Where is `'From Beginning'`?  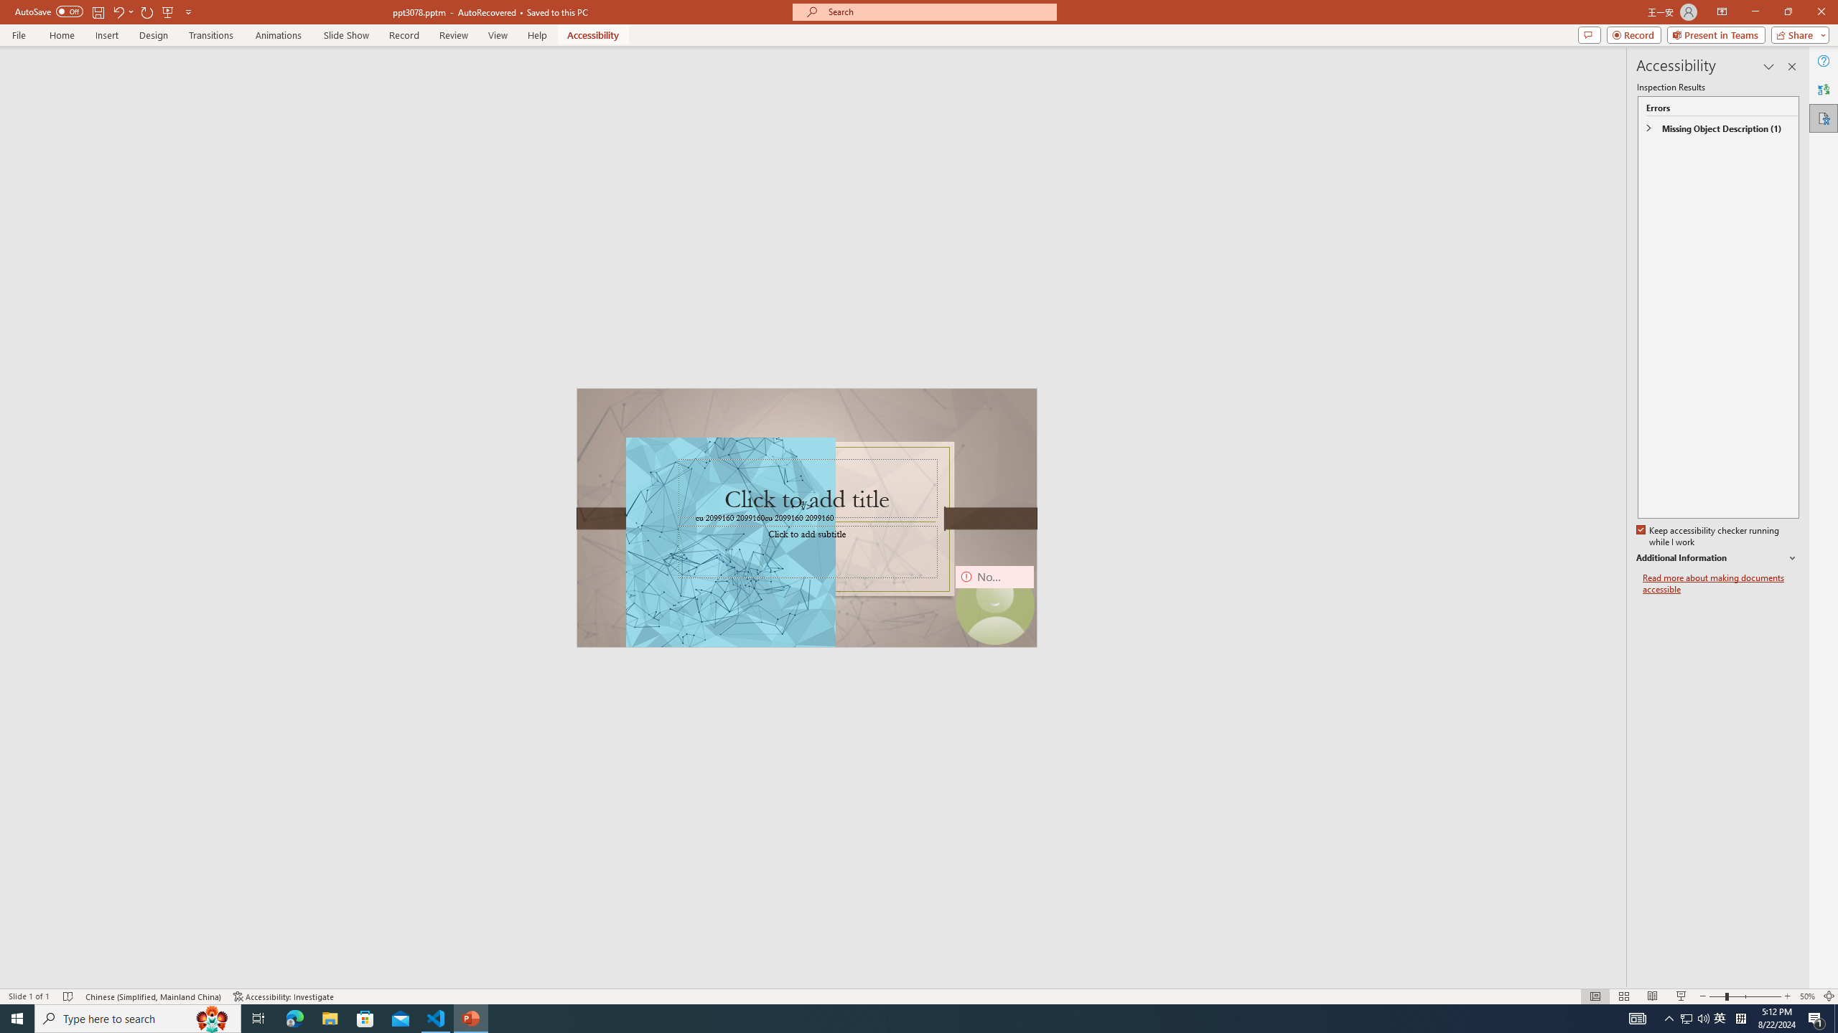
'From Beginning' is located at coordinates (167, 11).